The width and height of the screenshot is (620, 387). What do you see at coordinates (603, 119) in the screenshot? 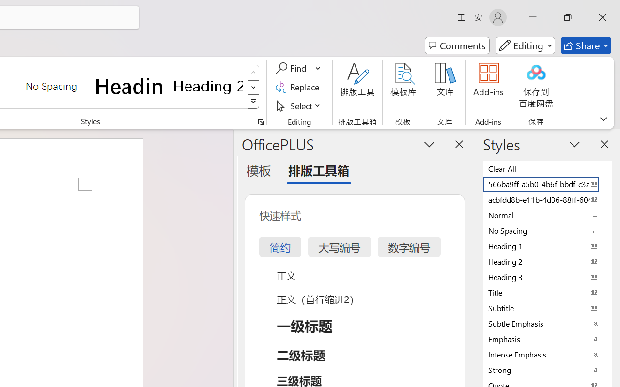
I see `'Ribbon Display Options'` at bounding box center [603, 119].